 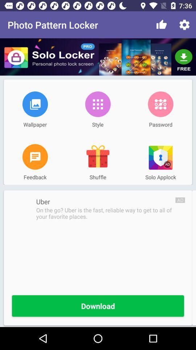 I want to click on icon to the left of solo applock, so click(x=98, y=157).